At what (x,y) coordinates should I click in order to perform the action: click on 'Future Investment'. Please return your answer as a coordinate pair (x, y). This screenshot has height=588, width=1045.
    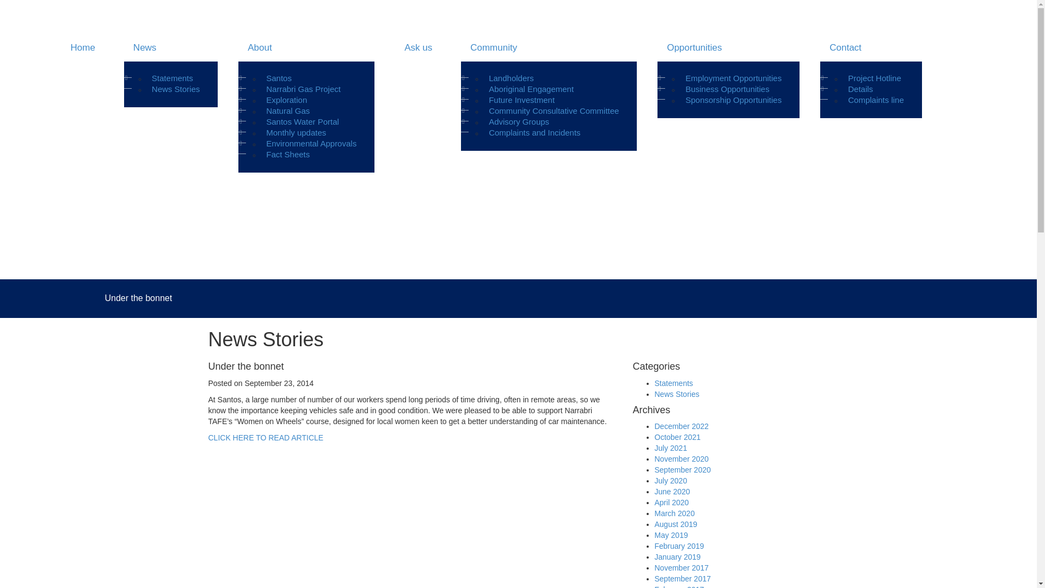
    Looking at the image, I should click on (521, 100).